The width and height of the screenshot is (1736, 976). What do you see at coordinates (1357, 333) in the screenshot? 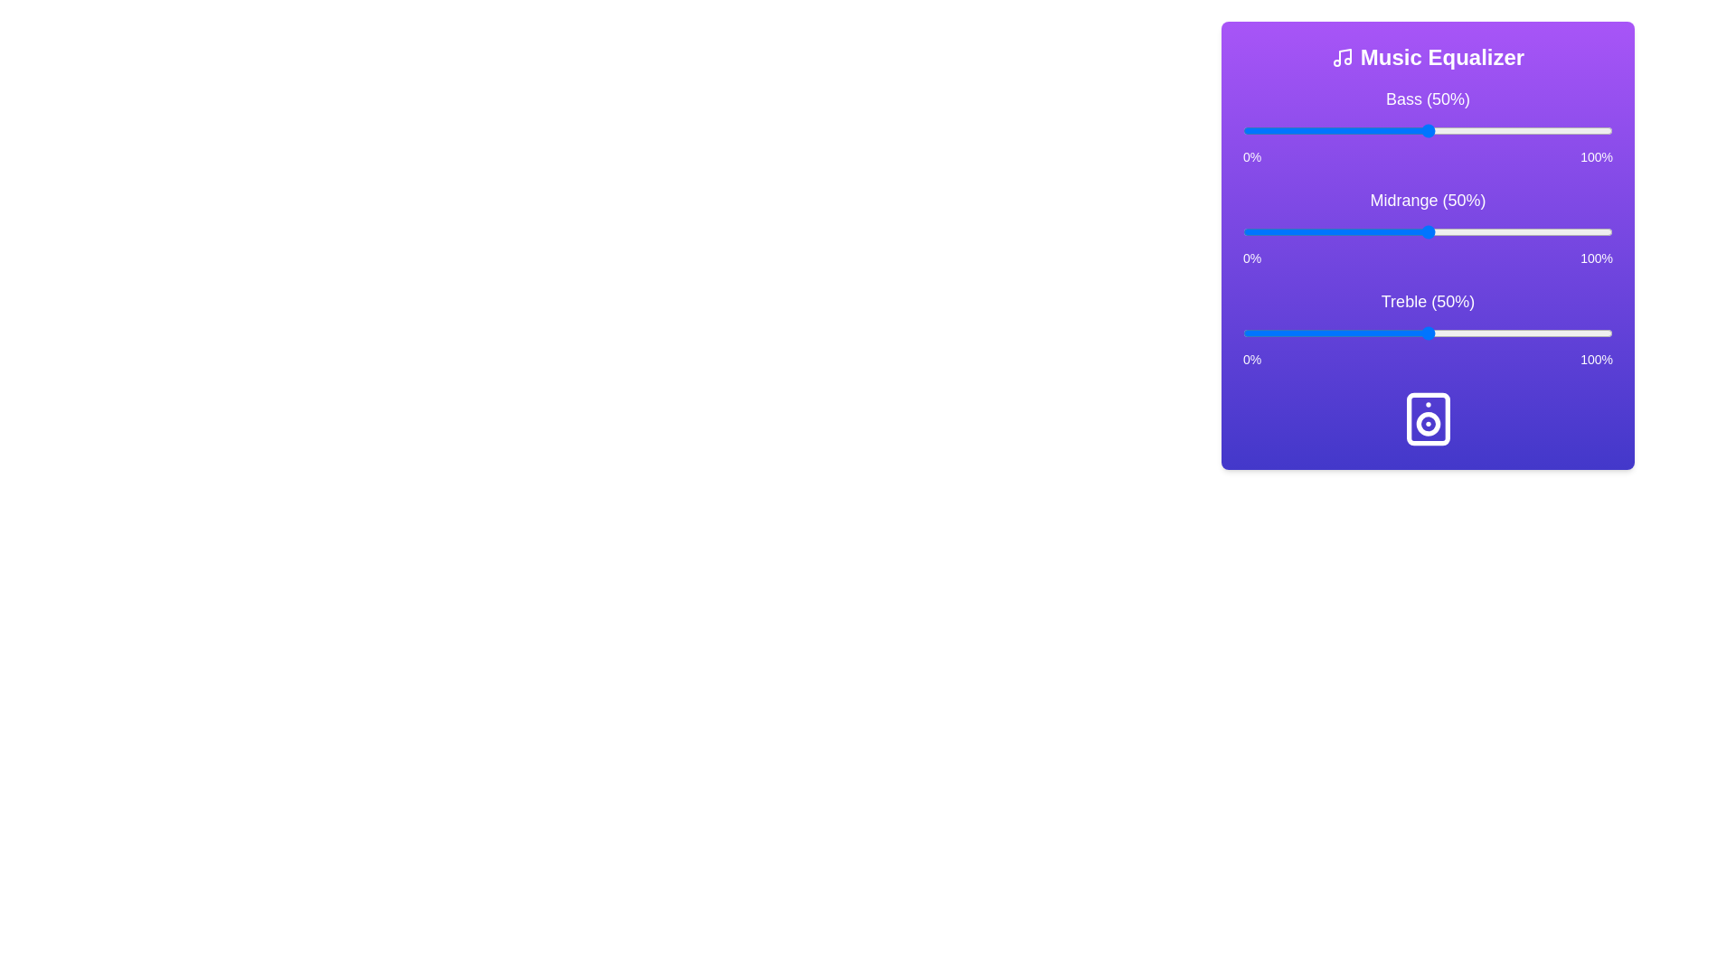
I see `the treble slider to 31%` at bounding box center [1357, 333].